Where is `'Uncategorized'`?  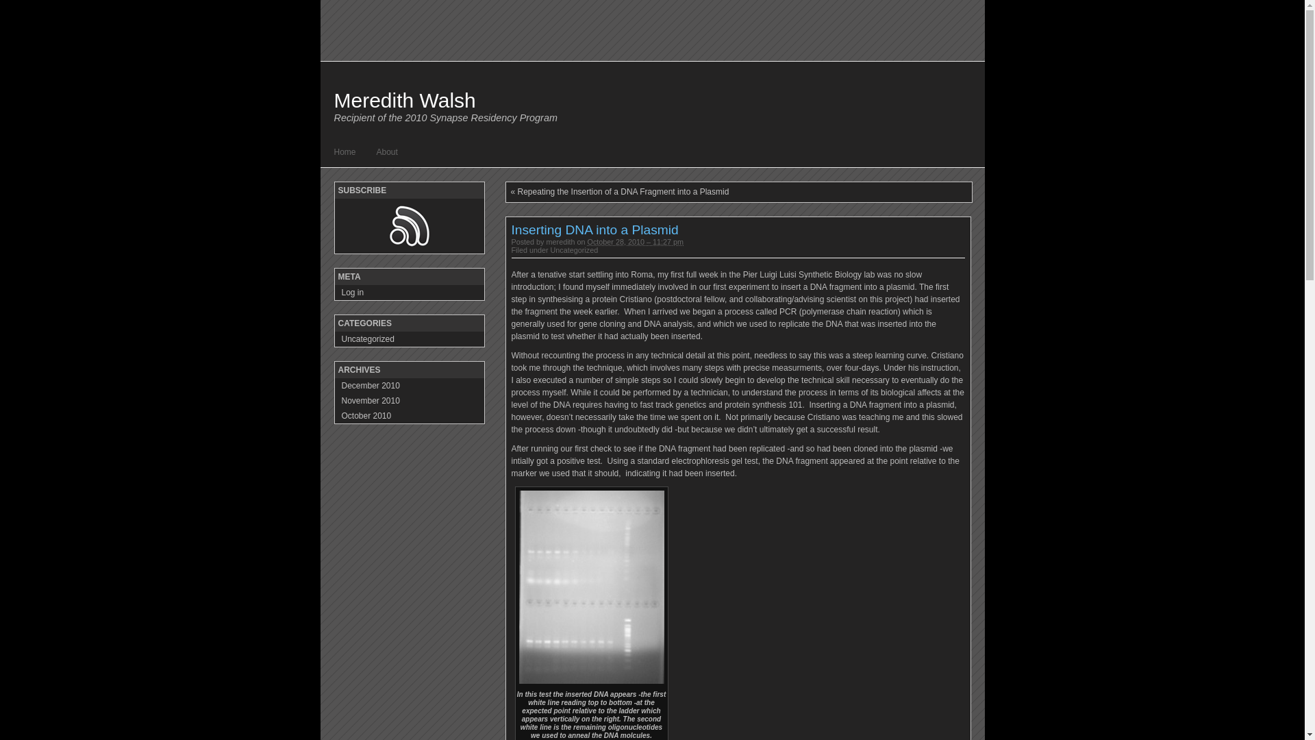
'Uncategorized' is located at coordinates (408, 338).